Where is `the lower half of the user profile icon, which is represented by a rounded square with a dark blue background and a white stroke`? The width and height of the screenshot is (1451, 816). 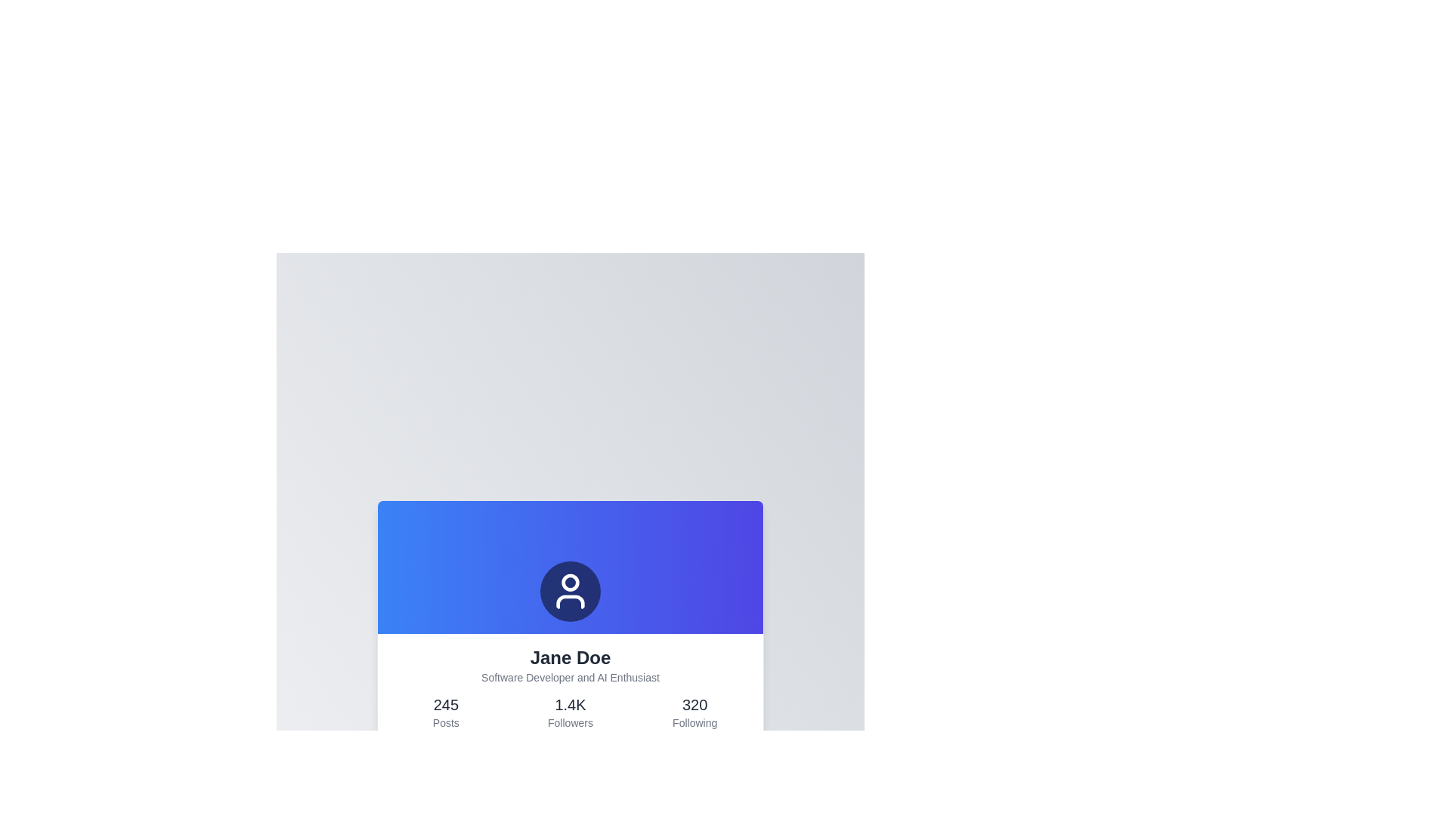
the lower half of the user profile icon, which is represented by a rounded square with a dark blue background and a white stroke is located at coordinates (569, 601).